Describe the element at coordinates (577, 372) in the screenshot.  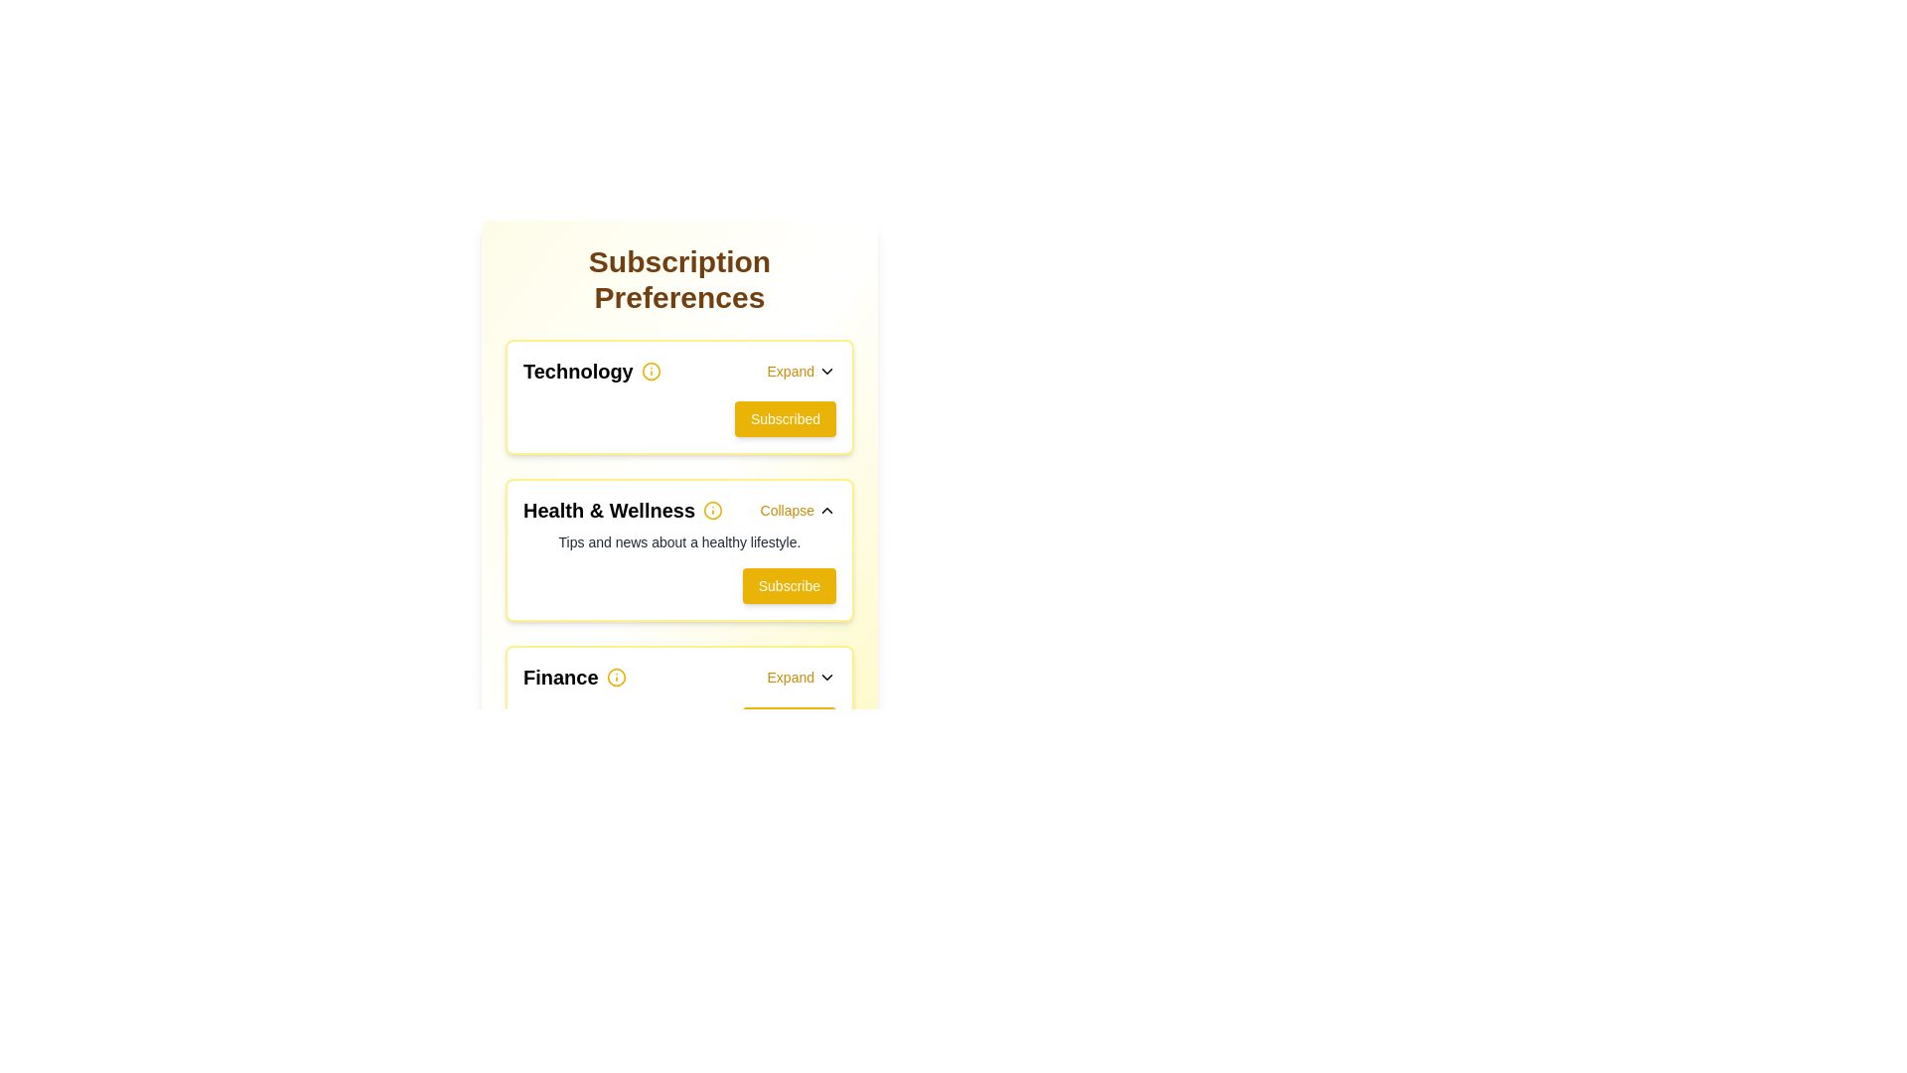
I see `'Technology' category label text that identifies the content topic for subscription preferences` at that location.